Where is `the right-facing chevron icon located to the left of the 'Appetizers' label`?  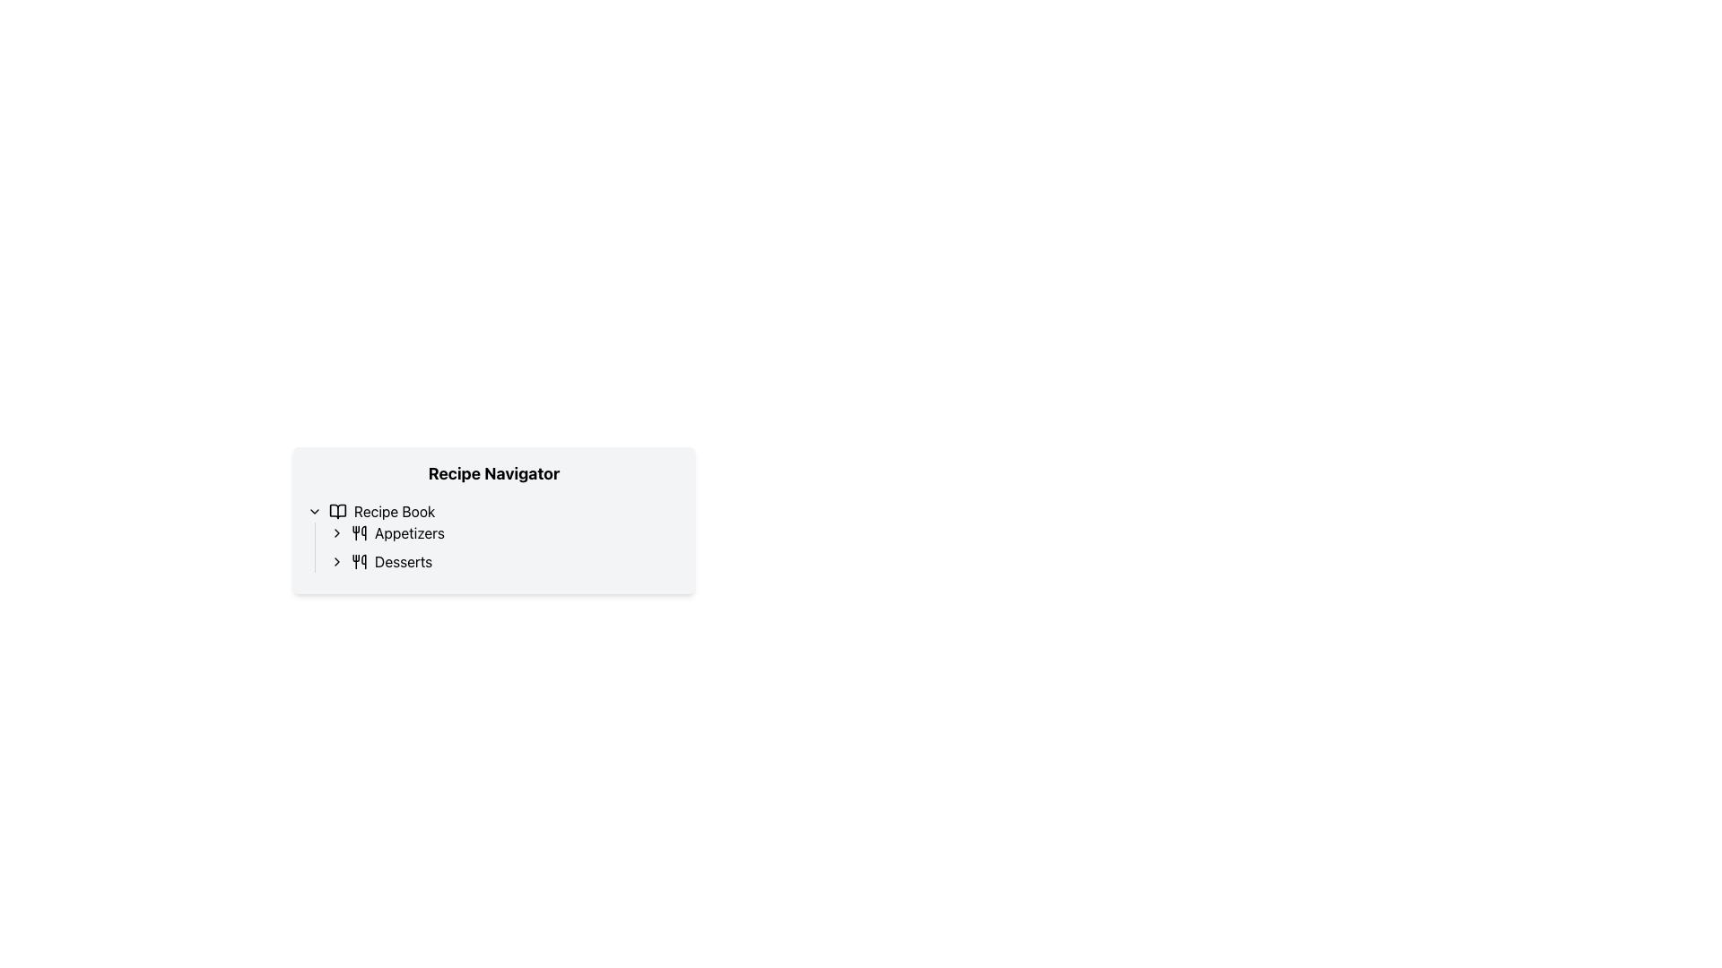 the right-facing chevron icon located to the left of the 'Appetizers' label is located at coordinates (336, 532).